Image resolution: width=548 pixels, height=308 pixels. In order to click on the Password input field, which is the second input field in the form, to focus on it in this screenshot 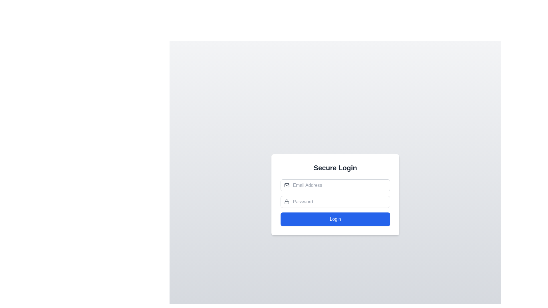, I will do `click(335, 202)`.